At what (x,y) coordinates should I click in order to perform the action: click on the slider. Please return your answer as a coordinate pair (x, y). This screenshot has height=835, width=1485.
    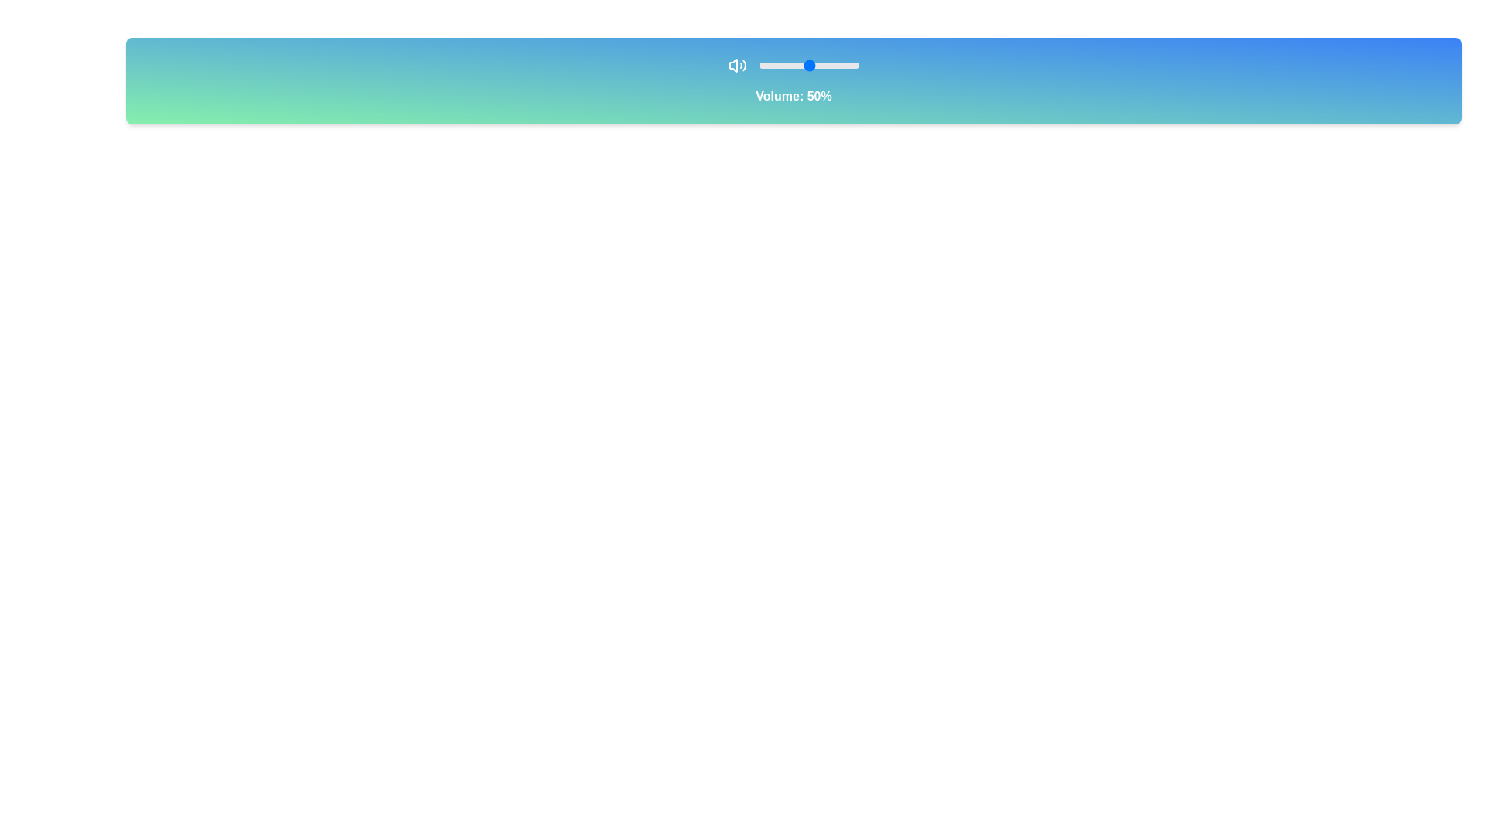
    Looking at the image, I should click on (782, 64).